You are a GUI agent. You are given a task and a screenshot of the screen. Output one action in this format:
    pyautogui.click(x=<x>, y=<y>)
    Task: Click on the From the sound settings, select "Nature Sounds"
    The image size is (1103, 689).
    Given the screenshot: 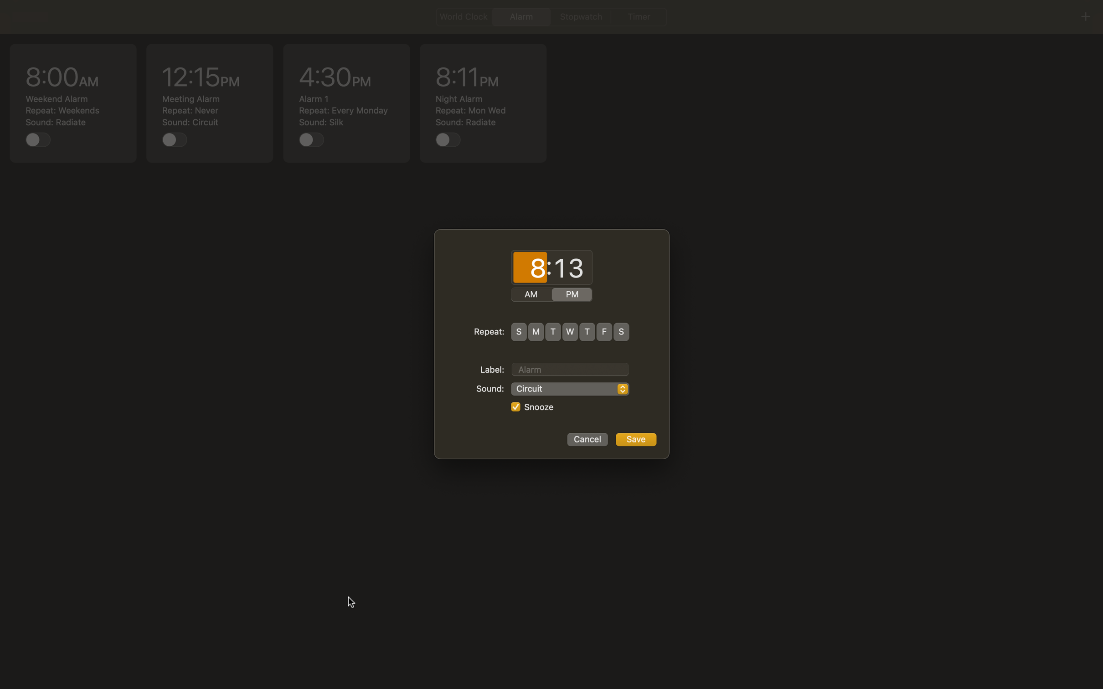 What is the action you would take?
    pyautogui.click(x=570, y=389)
    